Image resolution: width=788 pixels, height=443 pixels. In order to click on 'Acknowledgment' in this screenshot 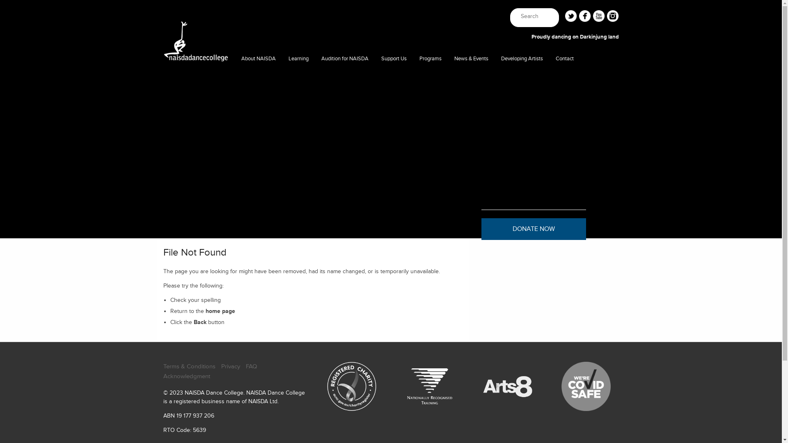, I will do `click(186, 377)`.